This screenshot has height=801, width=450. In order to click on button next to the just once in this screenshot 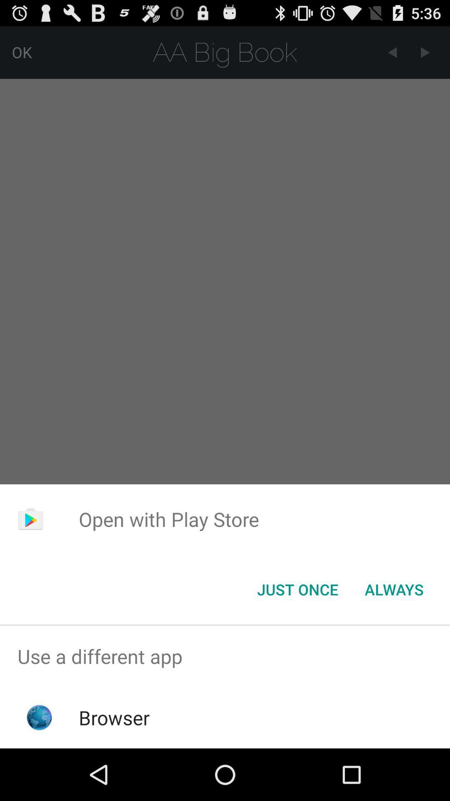, I will do `click(394, 589)`.